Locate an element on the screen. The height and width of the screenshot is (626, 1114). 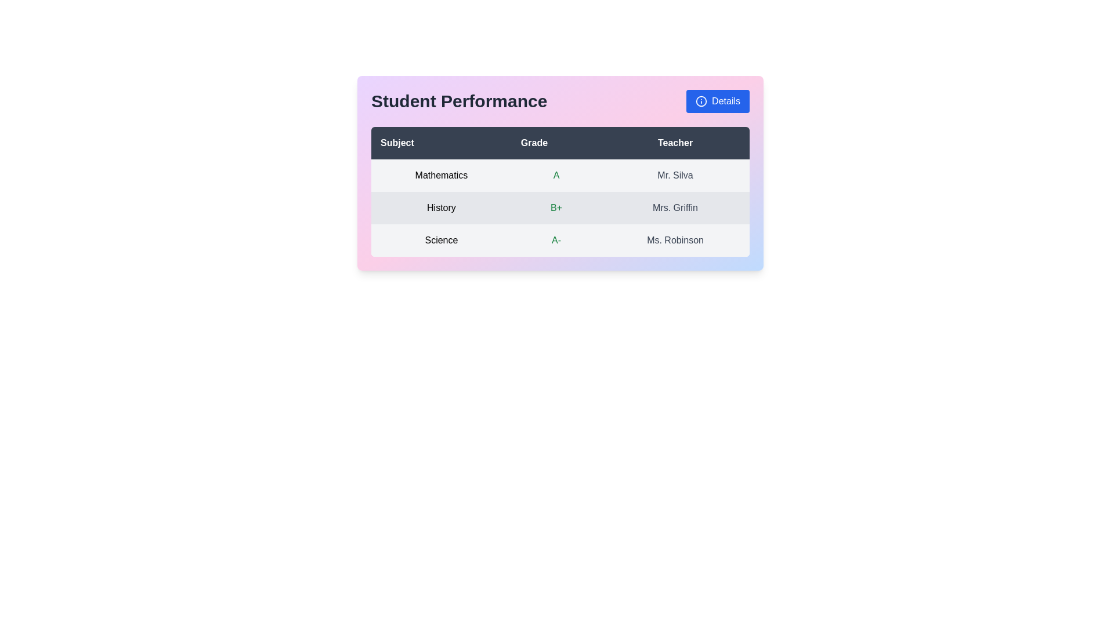
the first row of the 'Student Performance' table is located at coordinates (560, 176).